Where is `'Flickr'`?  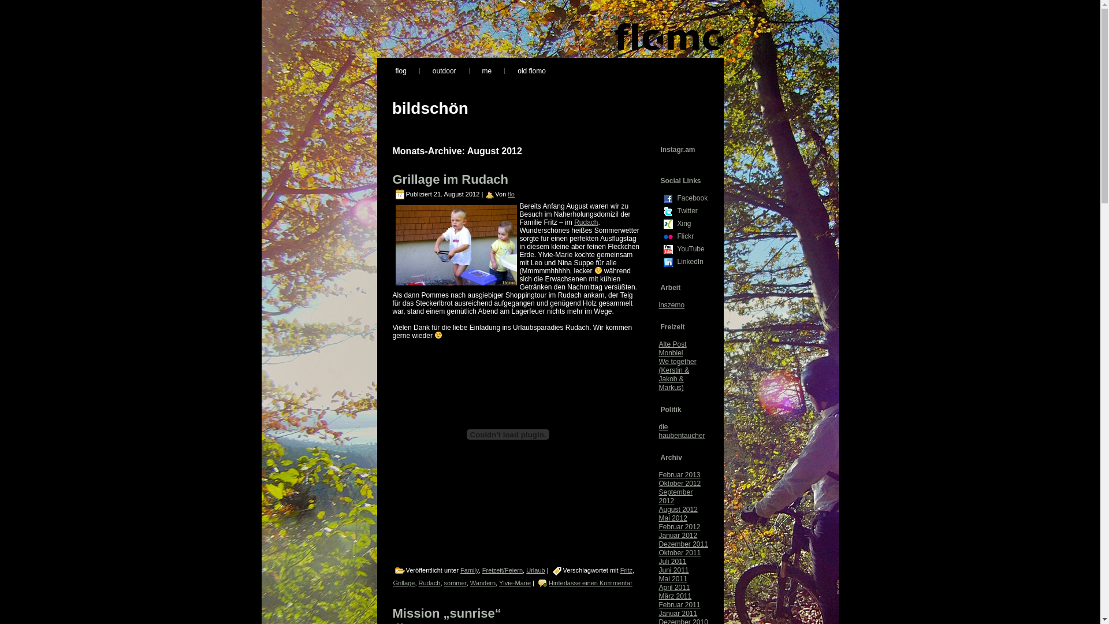 'Flickr' is located at coordinates (663, 236).